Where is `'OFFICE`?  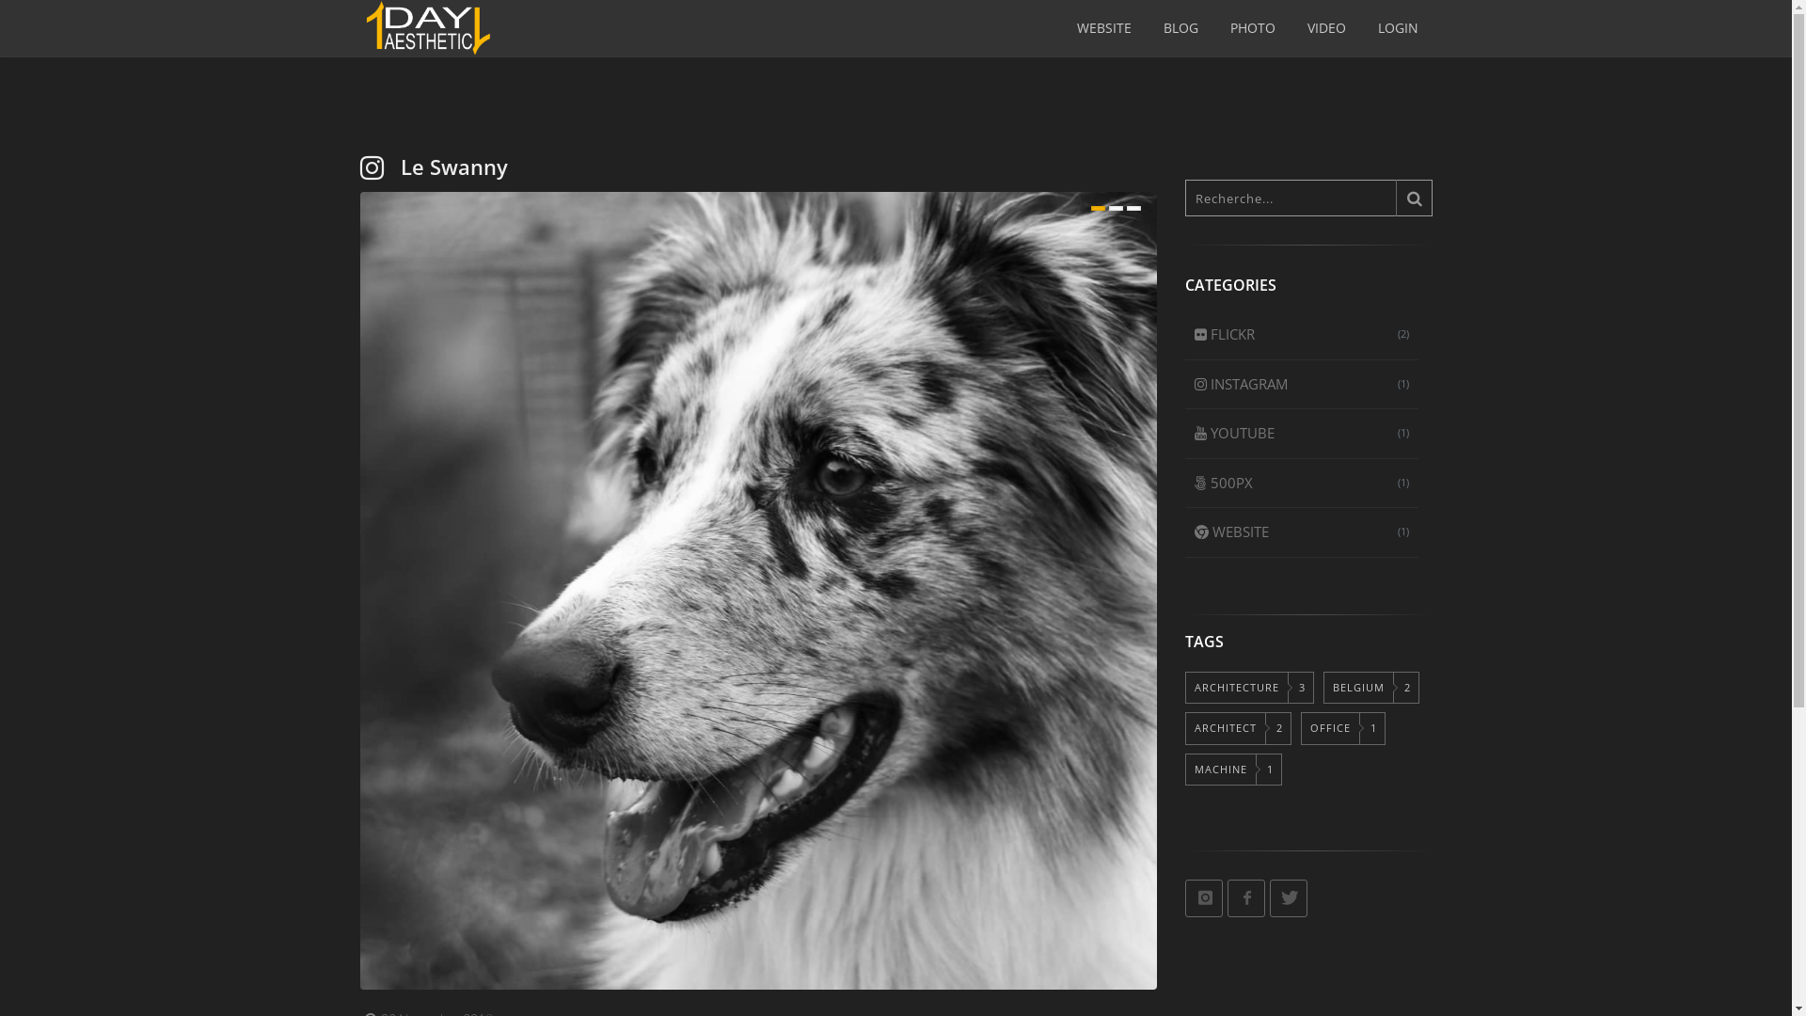
'OFFICE is located at coordinates (1342, 727).